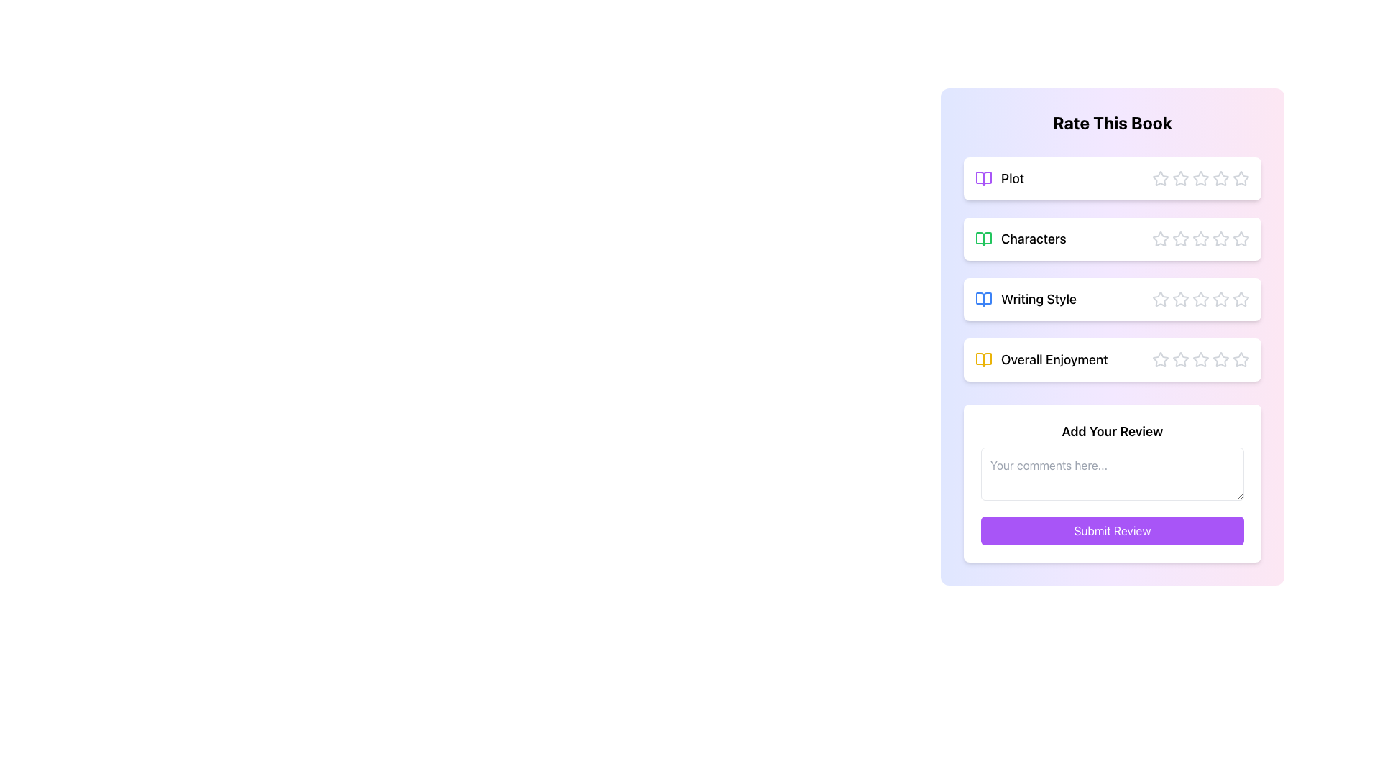 The height and width of the screenshot is (776, 1380). What do you see at coordinates (983, 238) in the screenshot?
I see `the icon shaped like an open book with bold green borders, located to the left of the 'Characters' label in the vertical list of review categories` at bounding box center [983, 238].